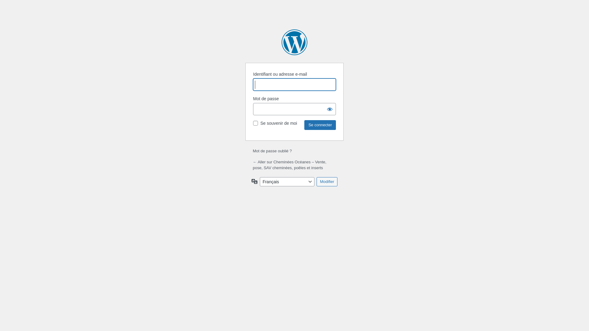  What do you see at coordinates (326, 181) in the screenshot?
I see `'Modifier'` at bounding box center [326, 181].